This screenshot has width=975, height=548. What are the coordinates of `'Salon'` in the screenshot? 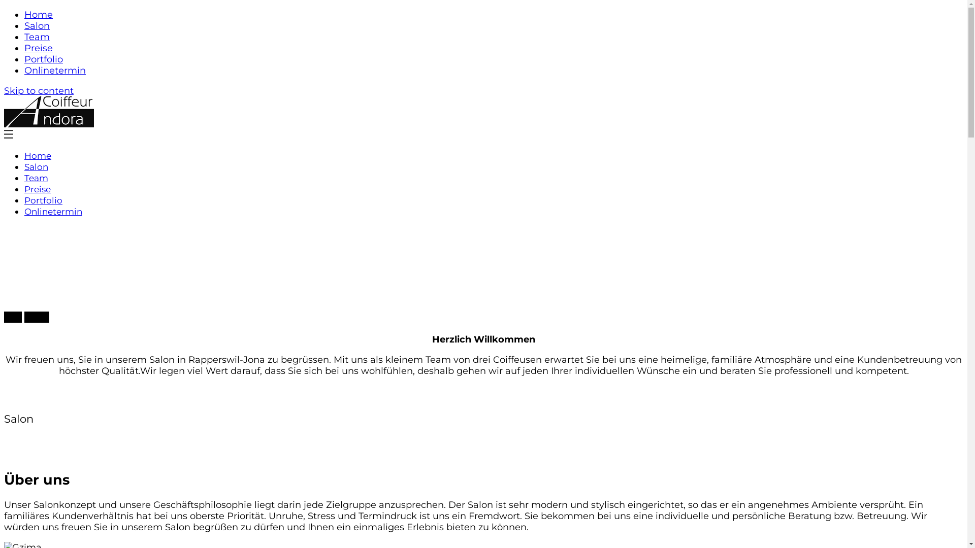 It's located at (37, 25).